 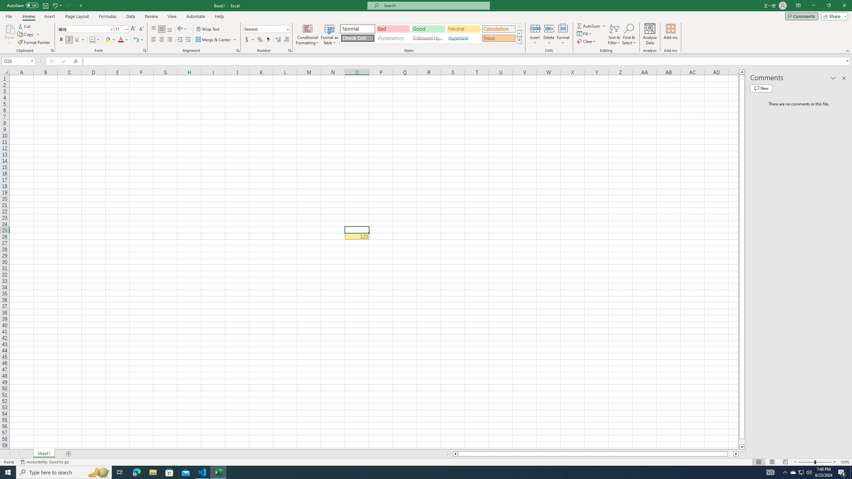 I want to click on 'Fill Color RGB(255, 255, 0)', so click(x=107, y=39).